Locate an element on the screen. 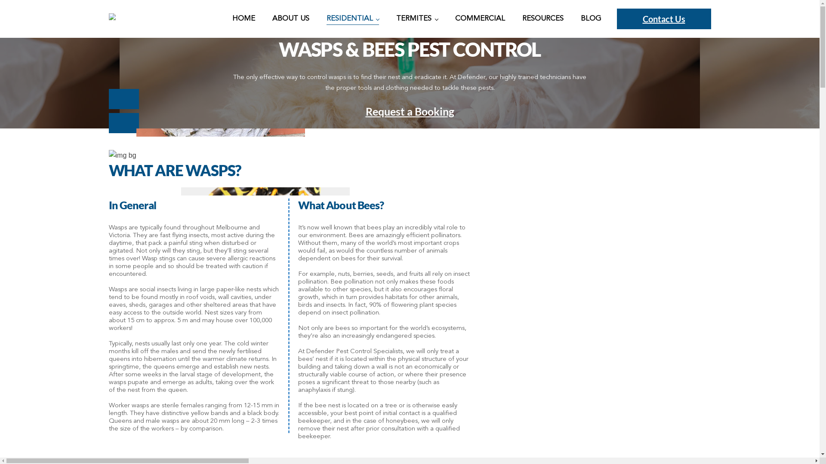  'RESIDENTIAL' is located at coordinates (353, 18).